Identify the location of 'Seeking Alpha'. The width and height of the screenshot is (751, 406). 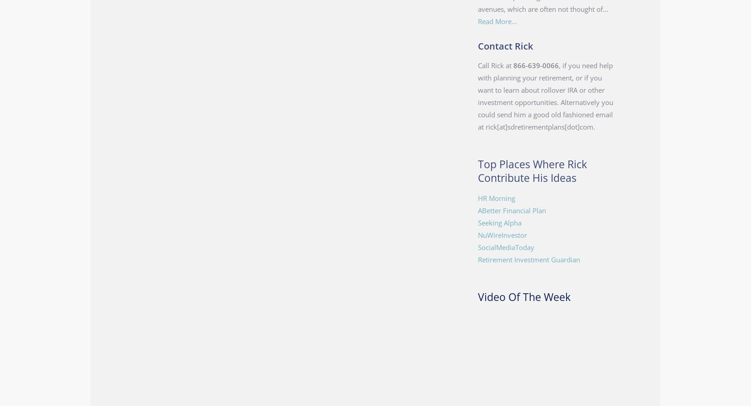
(499, 222).